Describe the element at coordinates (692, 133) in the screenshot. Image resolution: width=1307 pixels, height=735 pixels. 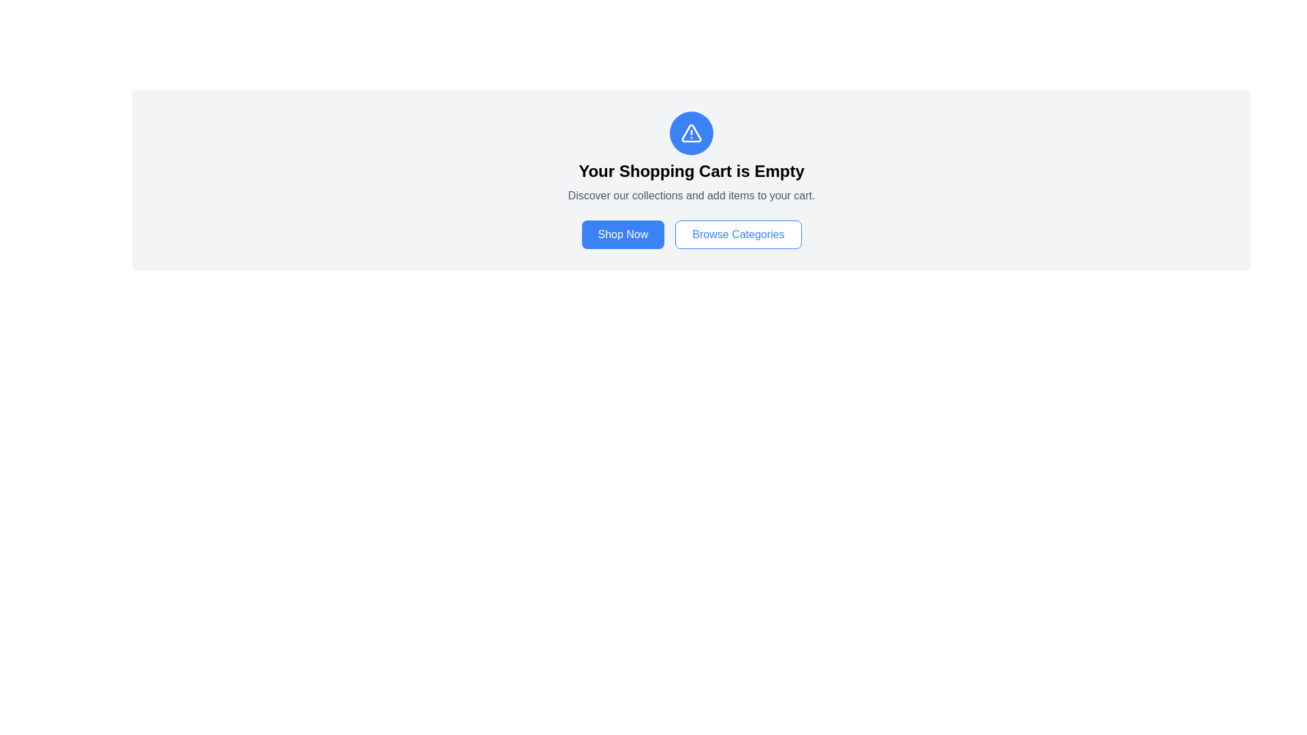
I see `the alert icon located at the center of the blue circular area above the 'Your Shopping Cart is Empty' text` at that location.